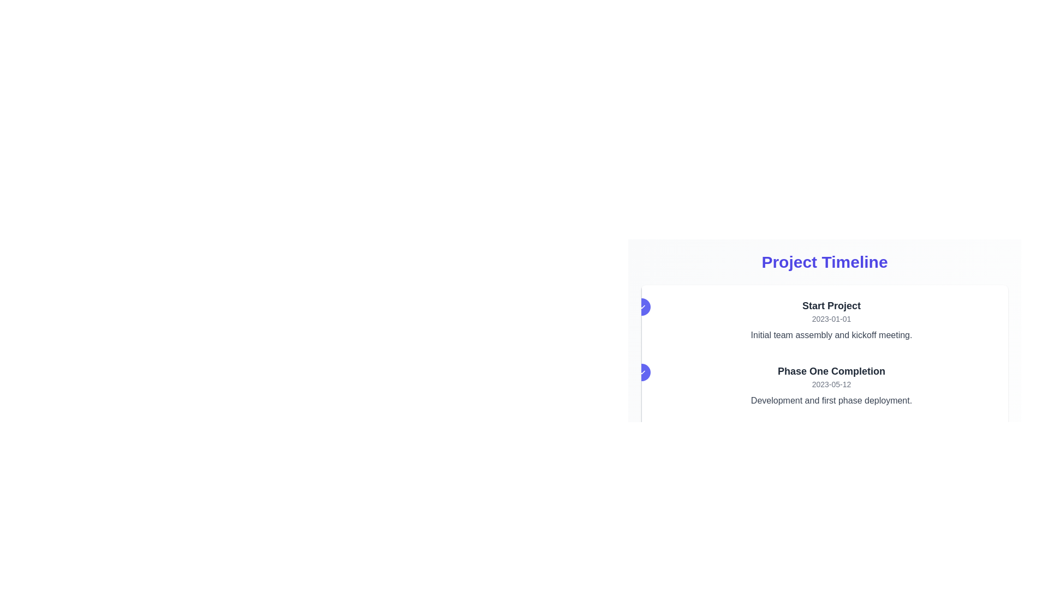 Image resolution: width=1048 pixels, height=589 pixels. What do you see at coordinates (831, 384) in the screenshot?
I see `the text label displaying the date for the milestone 'Phase One Completion', which is positioned directly below the title line and above descriptive text` at bounding box center [831, 384].